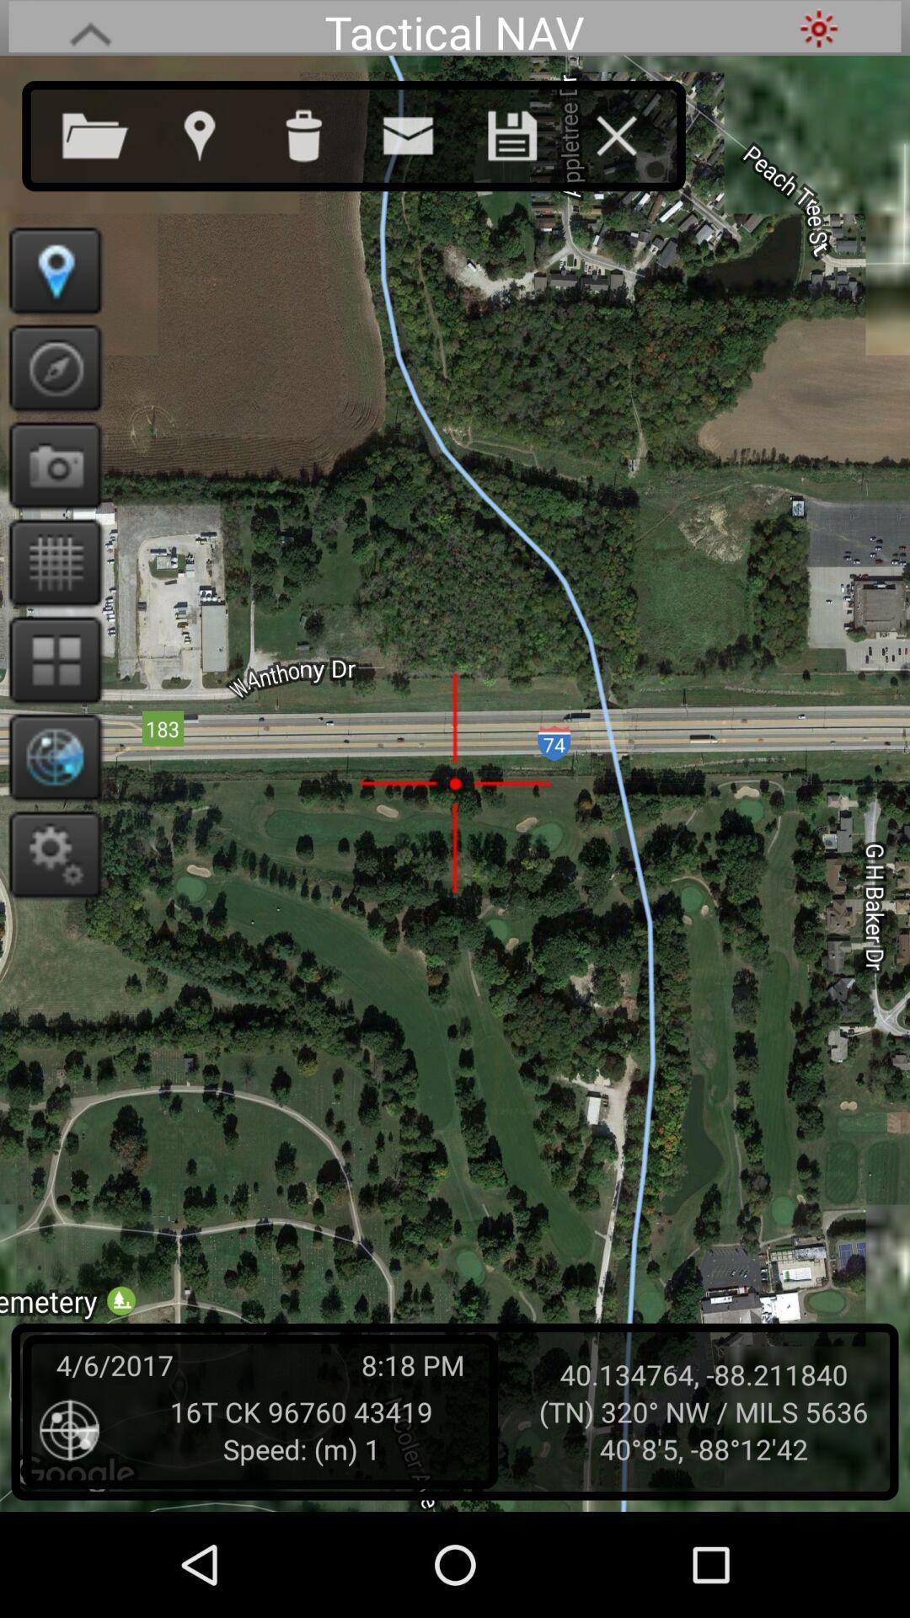 This screenshot has width=910, height=1618. Describe the element at coordinates (112, 142) in the screenshot. I see `the folder icon` at that location.